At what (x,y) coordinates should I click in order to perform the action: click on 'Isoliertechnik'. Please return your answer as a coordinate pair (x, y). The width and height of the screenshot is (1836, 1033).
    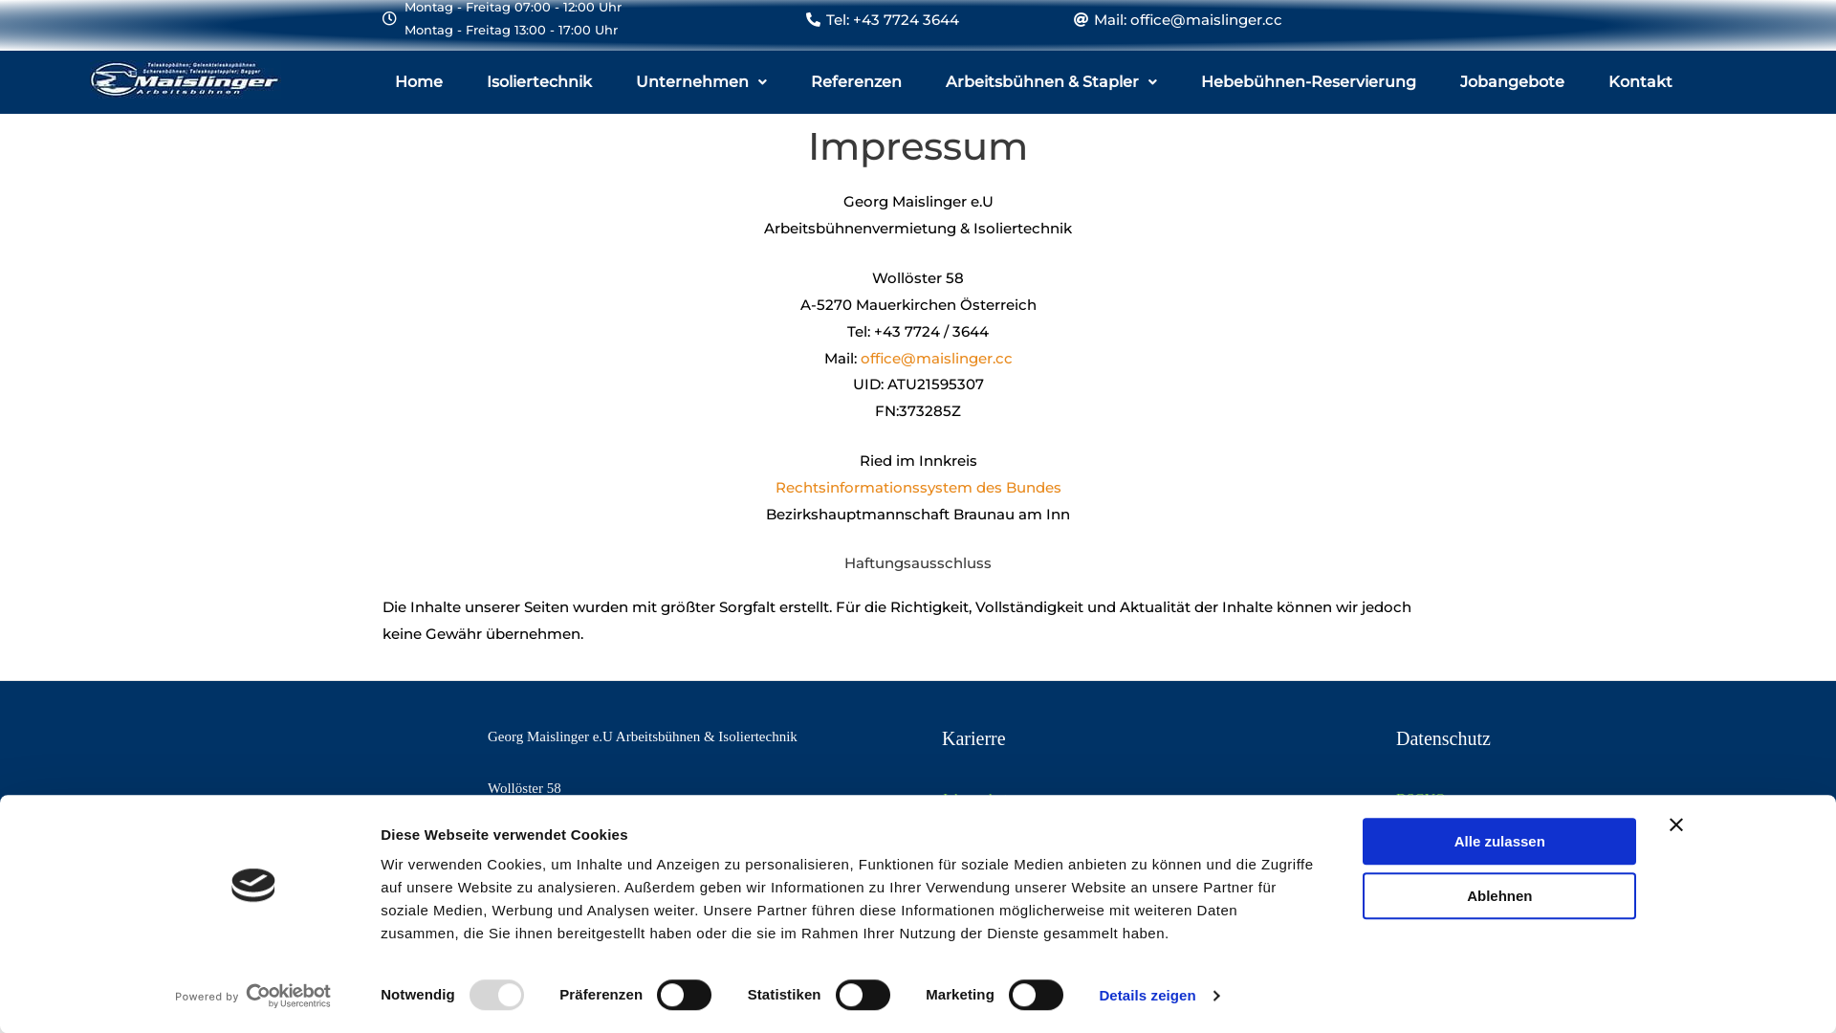
    Looking at the image, I should click on (537, 80).